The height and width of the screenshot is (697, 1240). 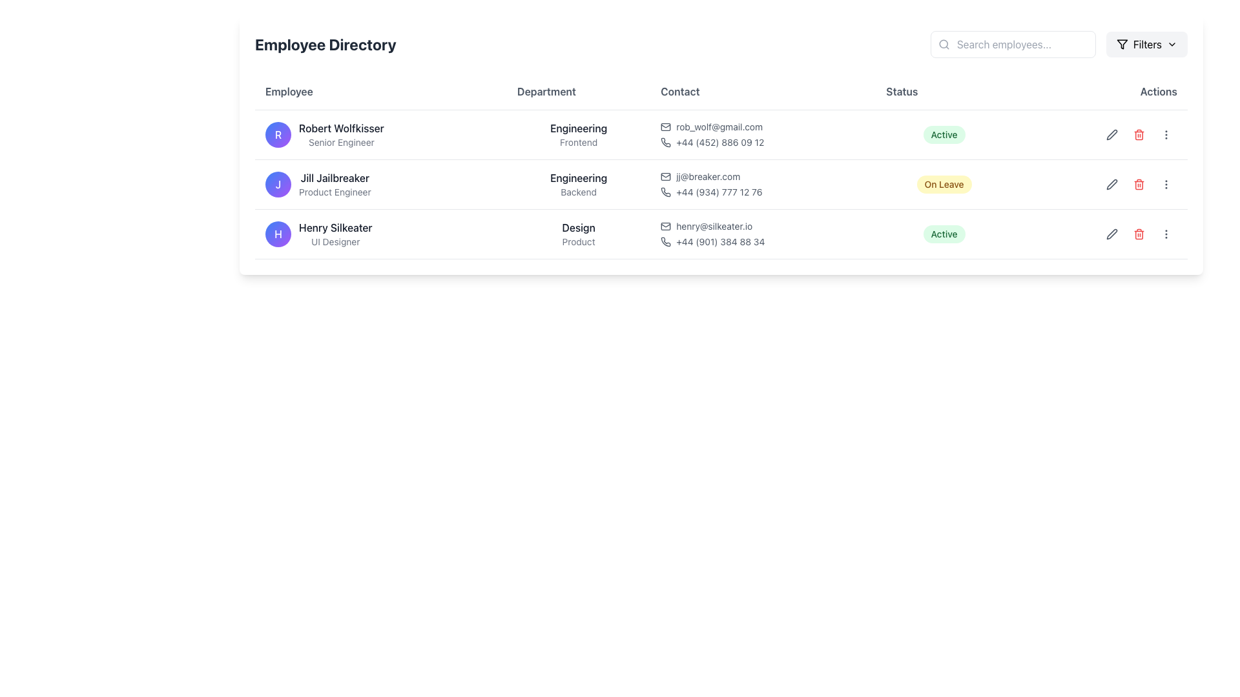 What do you see at coordinates (763, 184) in the screenshot?
I see `the contact details of employee Jill Jailbreaker, which includes their email and phone number, located in the 'Contact' column of the second row in the table-like grid` at bounding box center [763, 184].